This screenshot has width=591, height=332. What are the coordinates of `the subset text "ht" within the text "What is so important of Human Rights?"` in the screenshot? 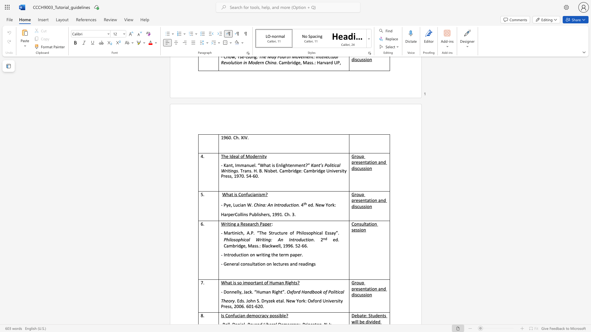 It's located at (291, 283).